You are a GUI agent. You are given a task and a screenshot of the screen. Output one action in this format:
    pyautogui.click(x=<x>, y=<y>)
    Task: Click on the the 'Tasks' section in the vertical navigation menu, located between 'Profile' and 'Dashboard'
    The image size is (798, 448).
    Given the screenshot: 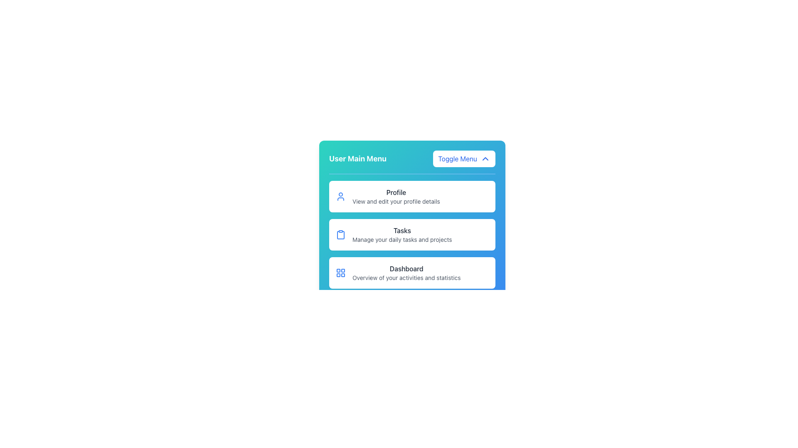 What is the action you would take?
    pyautogui.click(x=402, y=235)
    